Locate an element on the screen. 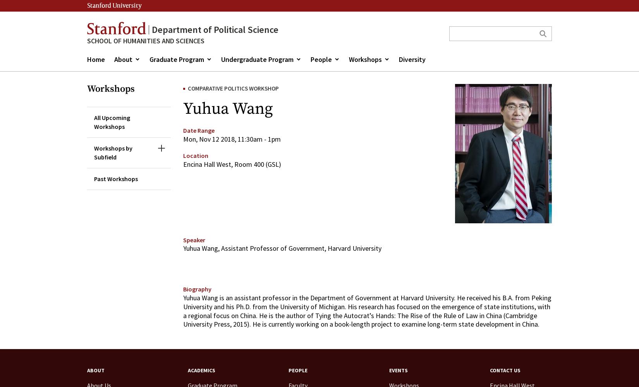 The height and width of the screenshot is (387, 639). 'Mon, Nov 12 2018, 11:30am' is located at coordinates (222, 138).